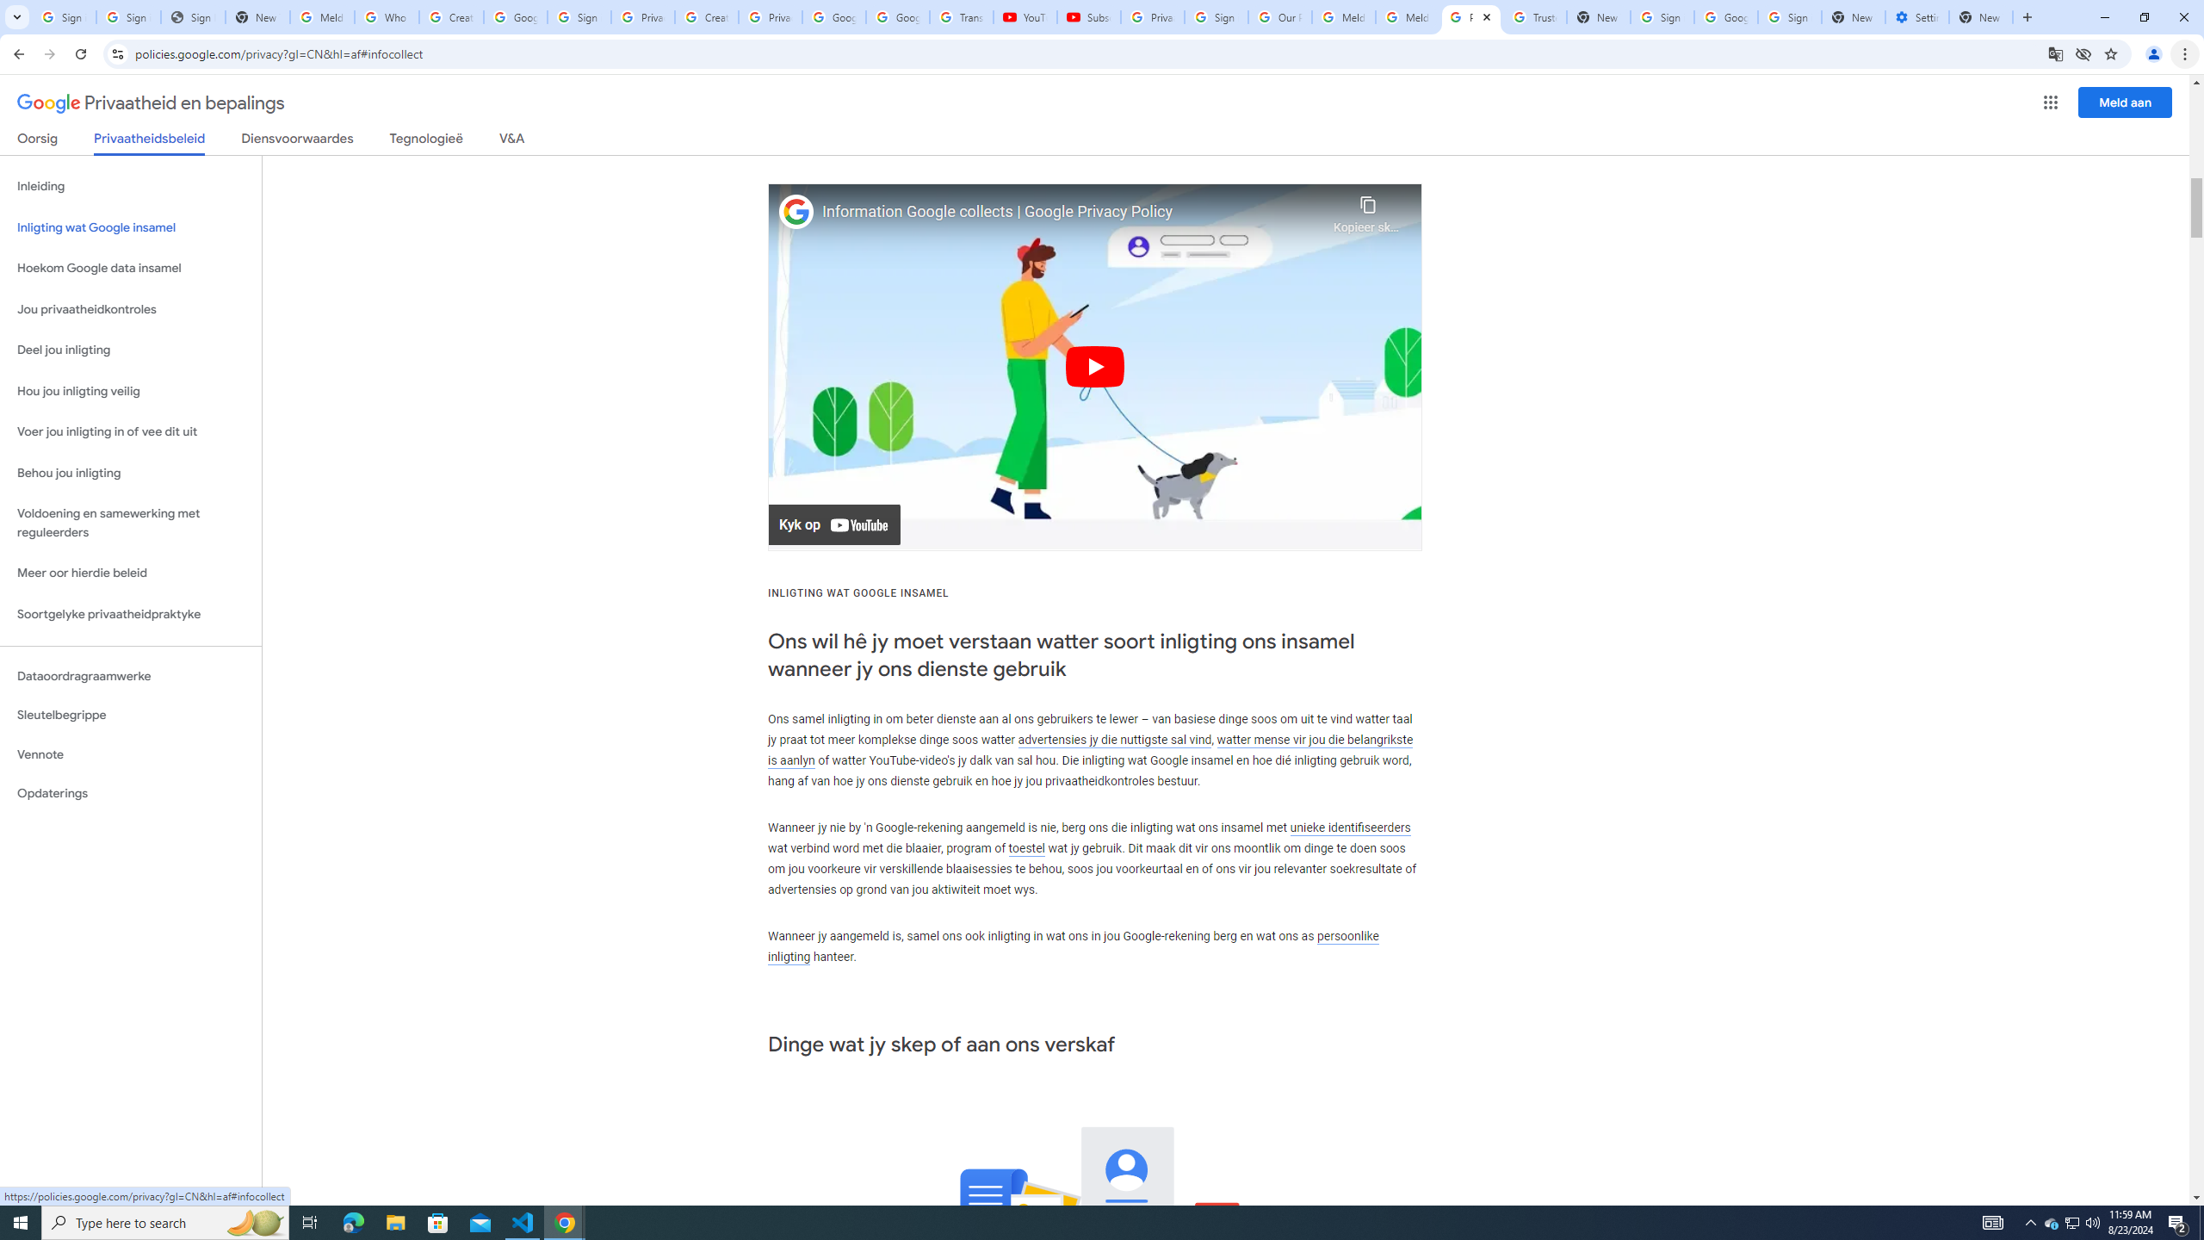  I want to click on 'toestel', so click(1025, 847).